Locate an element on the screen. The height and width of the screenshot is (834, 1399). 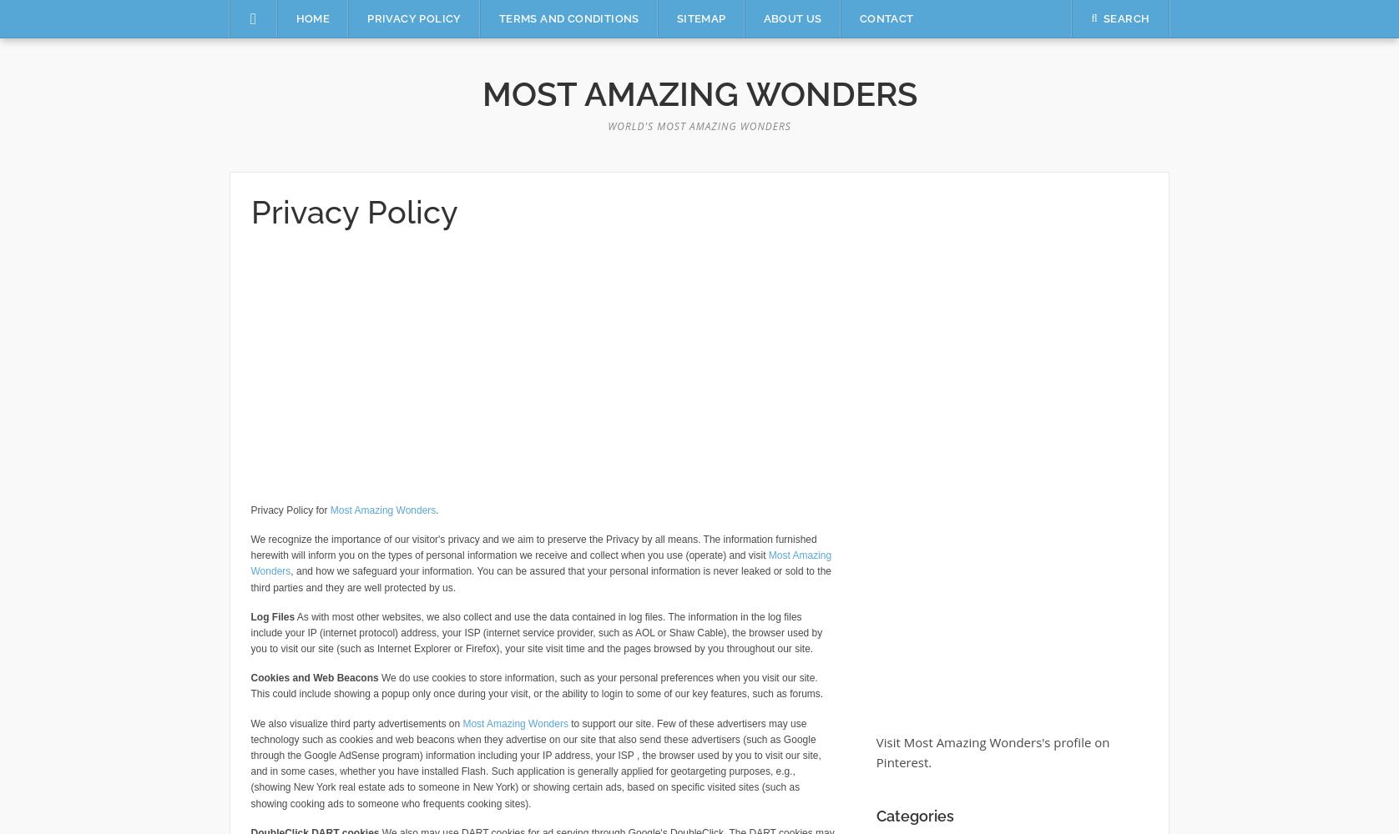
'We do use cookies to store information, such as your personal preferences when you visit our site. This could include showing a popup only once during your visit, or the ability to login to some of our key features, such as forums.' is located at coordinates (536, 685).